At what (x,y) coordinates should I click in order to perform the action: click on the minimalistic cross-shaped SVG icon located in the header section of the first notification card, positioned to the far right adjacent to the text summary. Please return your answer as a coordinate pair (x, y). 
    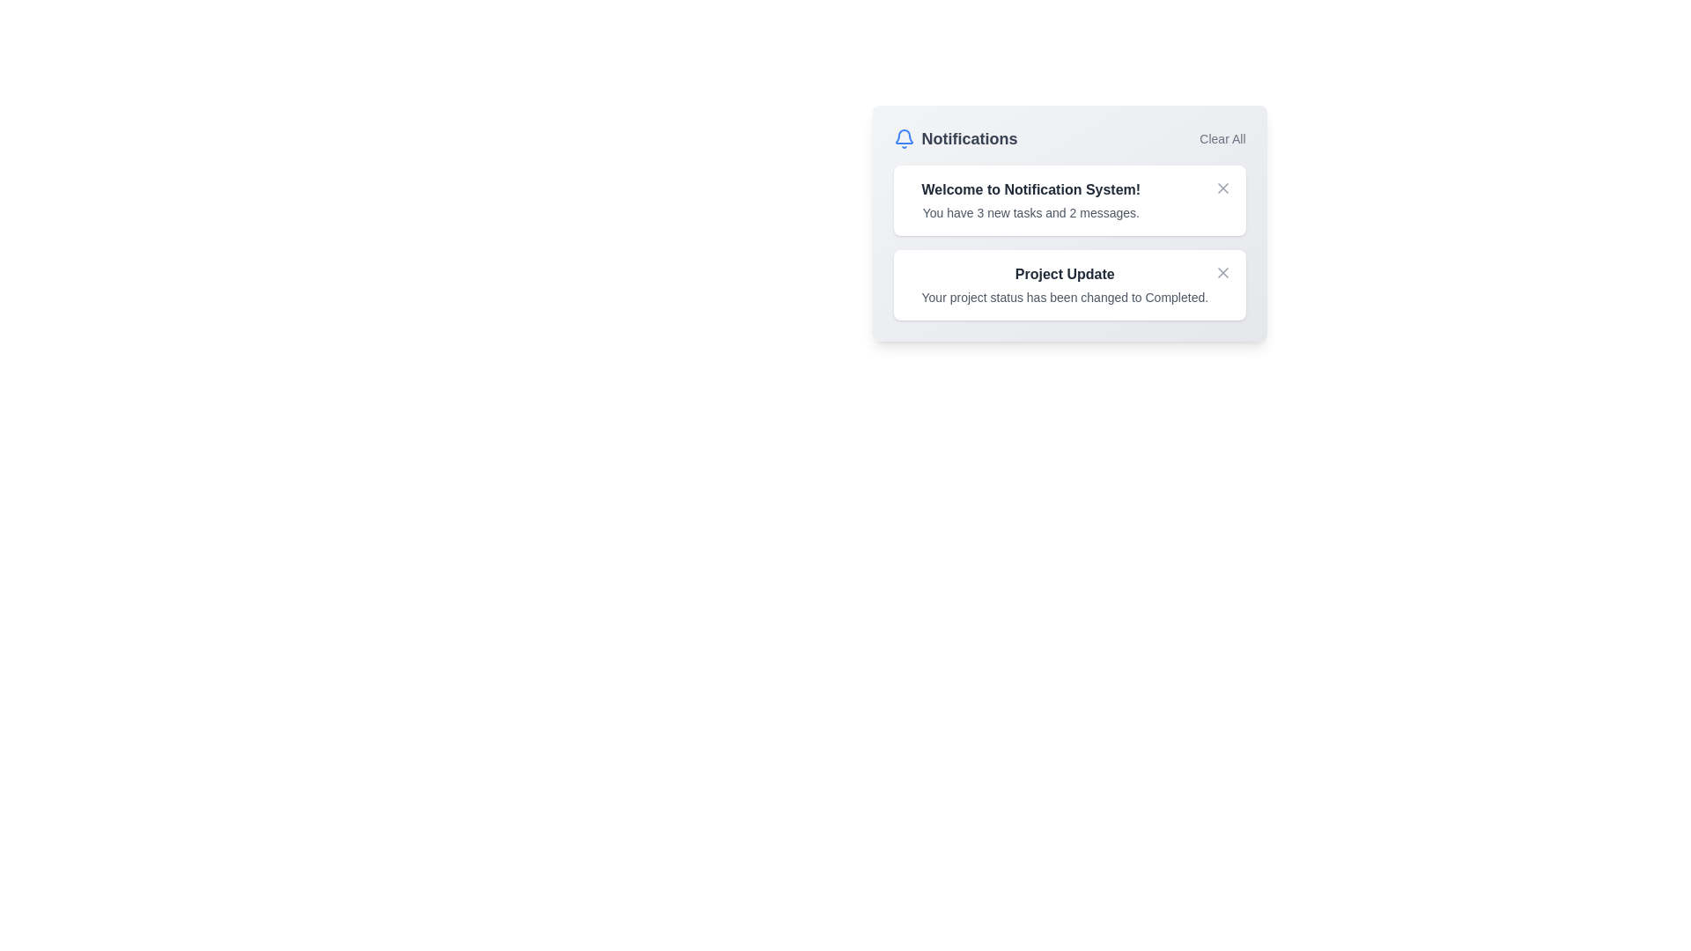
    Looking at the image, I should click on (1222, 188).